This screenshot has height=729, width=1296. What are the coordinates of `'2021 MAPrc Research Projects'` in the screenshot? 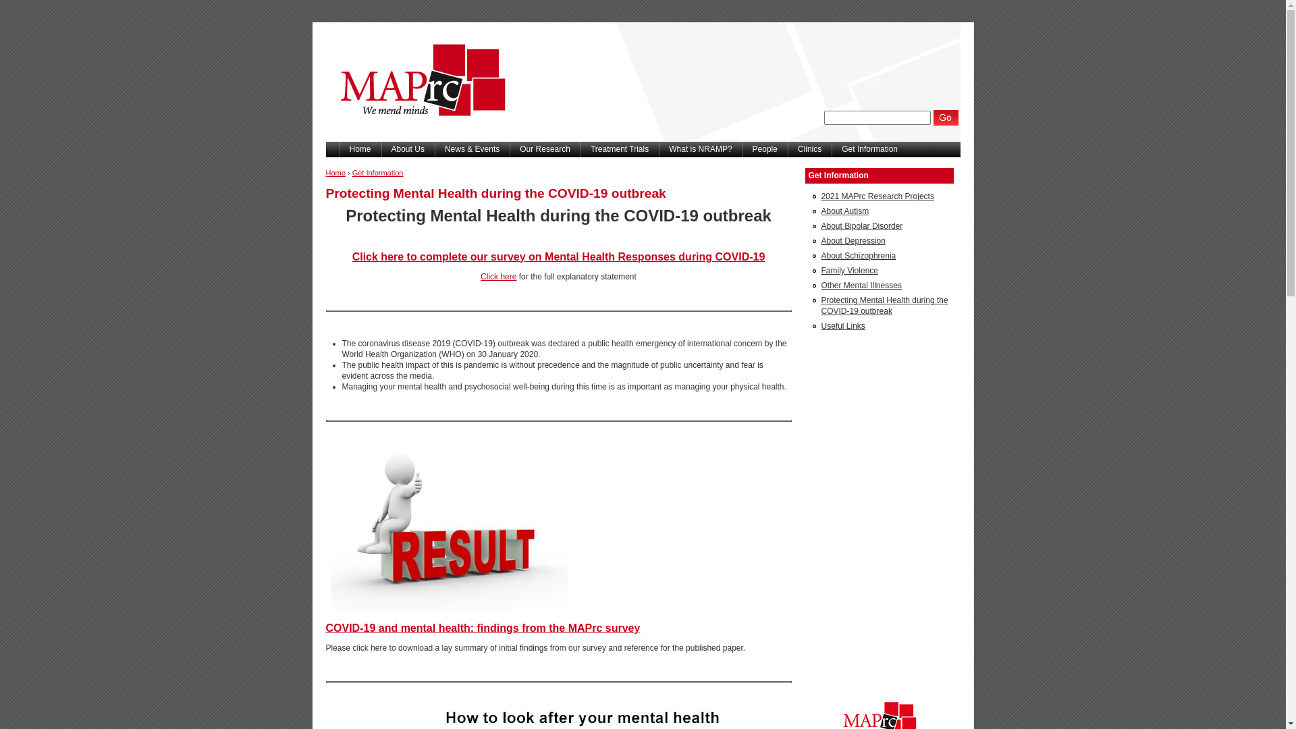 It's located at (877, 196).